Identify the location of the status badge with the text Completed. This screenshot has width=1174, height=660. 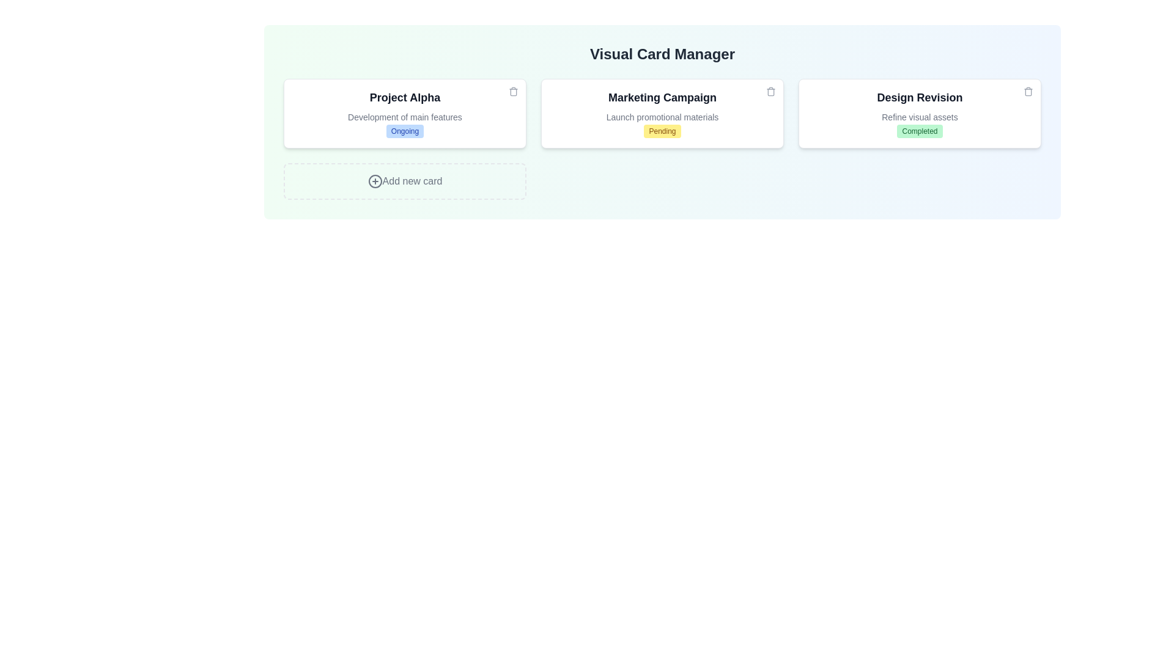
(920, 131).